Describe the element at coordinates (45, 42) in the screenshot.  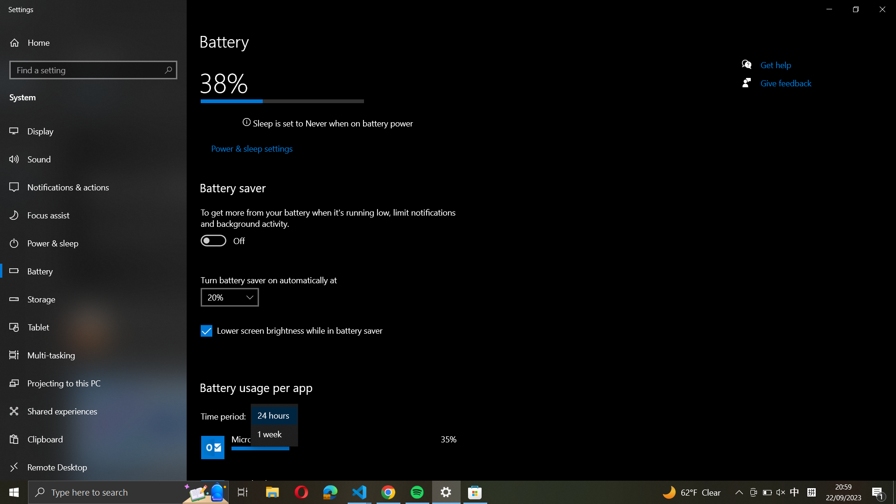
I see `Home from the navigation panel on the left` at that location.